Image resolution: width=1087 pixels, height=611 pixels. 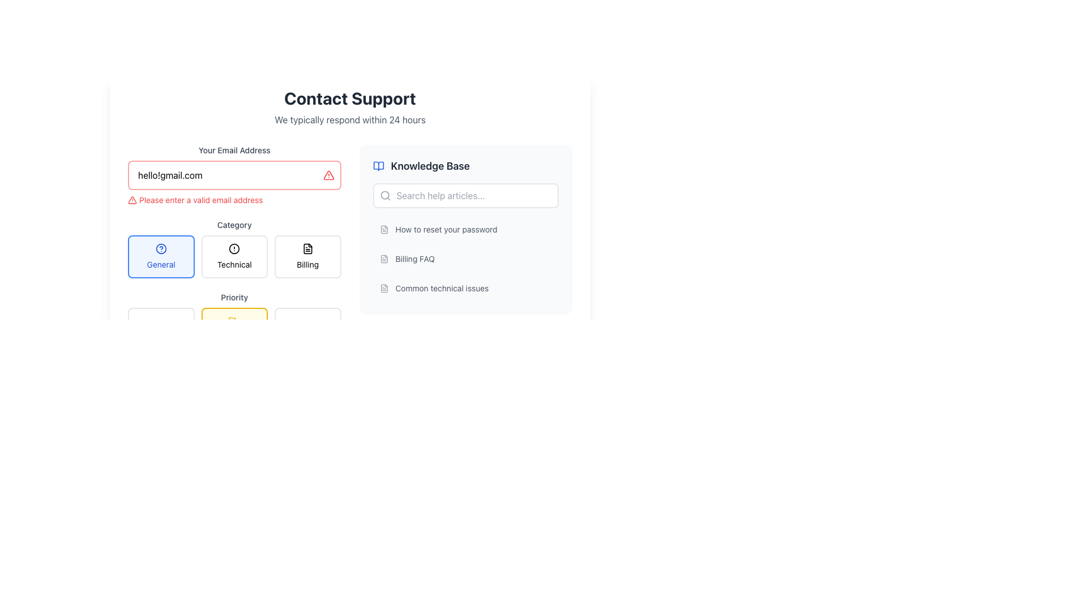 What do you see at coordinates (384, 259) in the screenshot?
I see `the graphical representation of the SVG Icon resembling a document with a text layout, located to the left of the 'Billing FAQ' text` at bounding box center [384, 259].